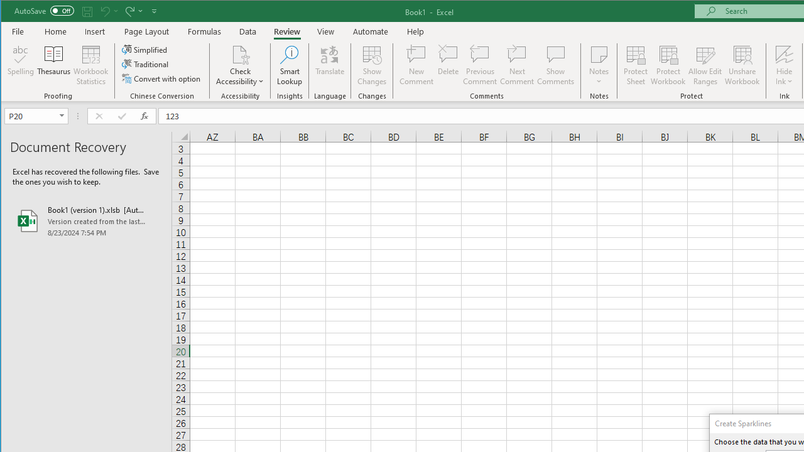 The image size is (804, 452). What do you see at coordinates (289, 65) in the screenshot?
I see `'Smart Lookup'` at bounding box center [289, 65].